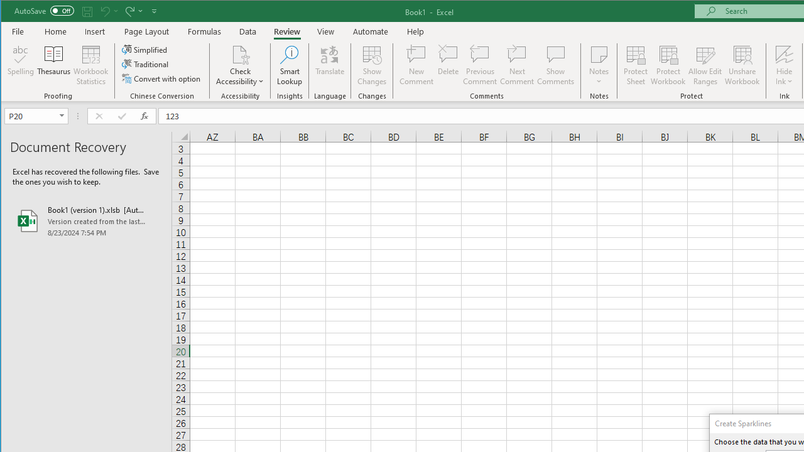 The image size is (804, 452). What do you see at coordinates (289, 65) in the screenshot?
I see `'Smart Lookup'` at bounding box center [289, 65].